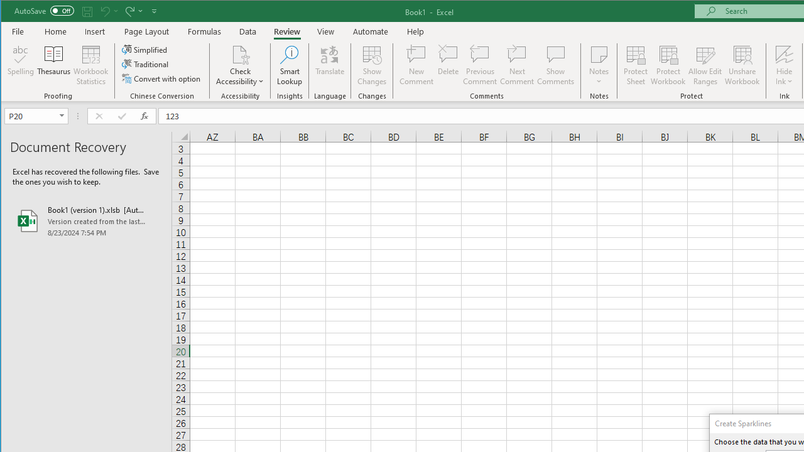 The image size is (804, 452). What do you see at coordinates (289, 65) in the screenshot?
I see `'Smart Lookup'` at bounding box center [289, 65].